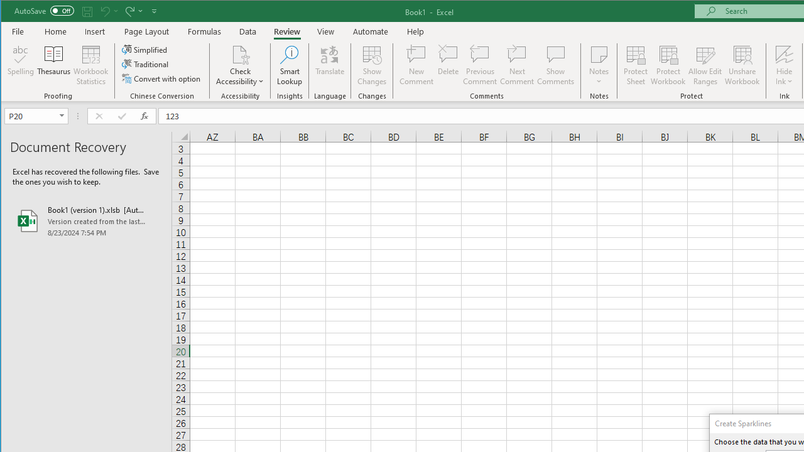 The image size is (804, 452). What do you see at coordinates (289, 65) in the screenshot?
I see `'Smart Lookup'` at bounding box center [289, 65].